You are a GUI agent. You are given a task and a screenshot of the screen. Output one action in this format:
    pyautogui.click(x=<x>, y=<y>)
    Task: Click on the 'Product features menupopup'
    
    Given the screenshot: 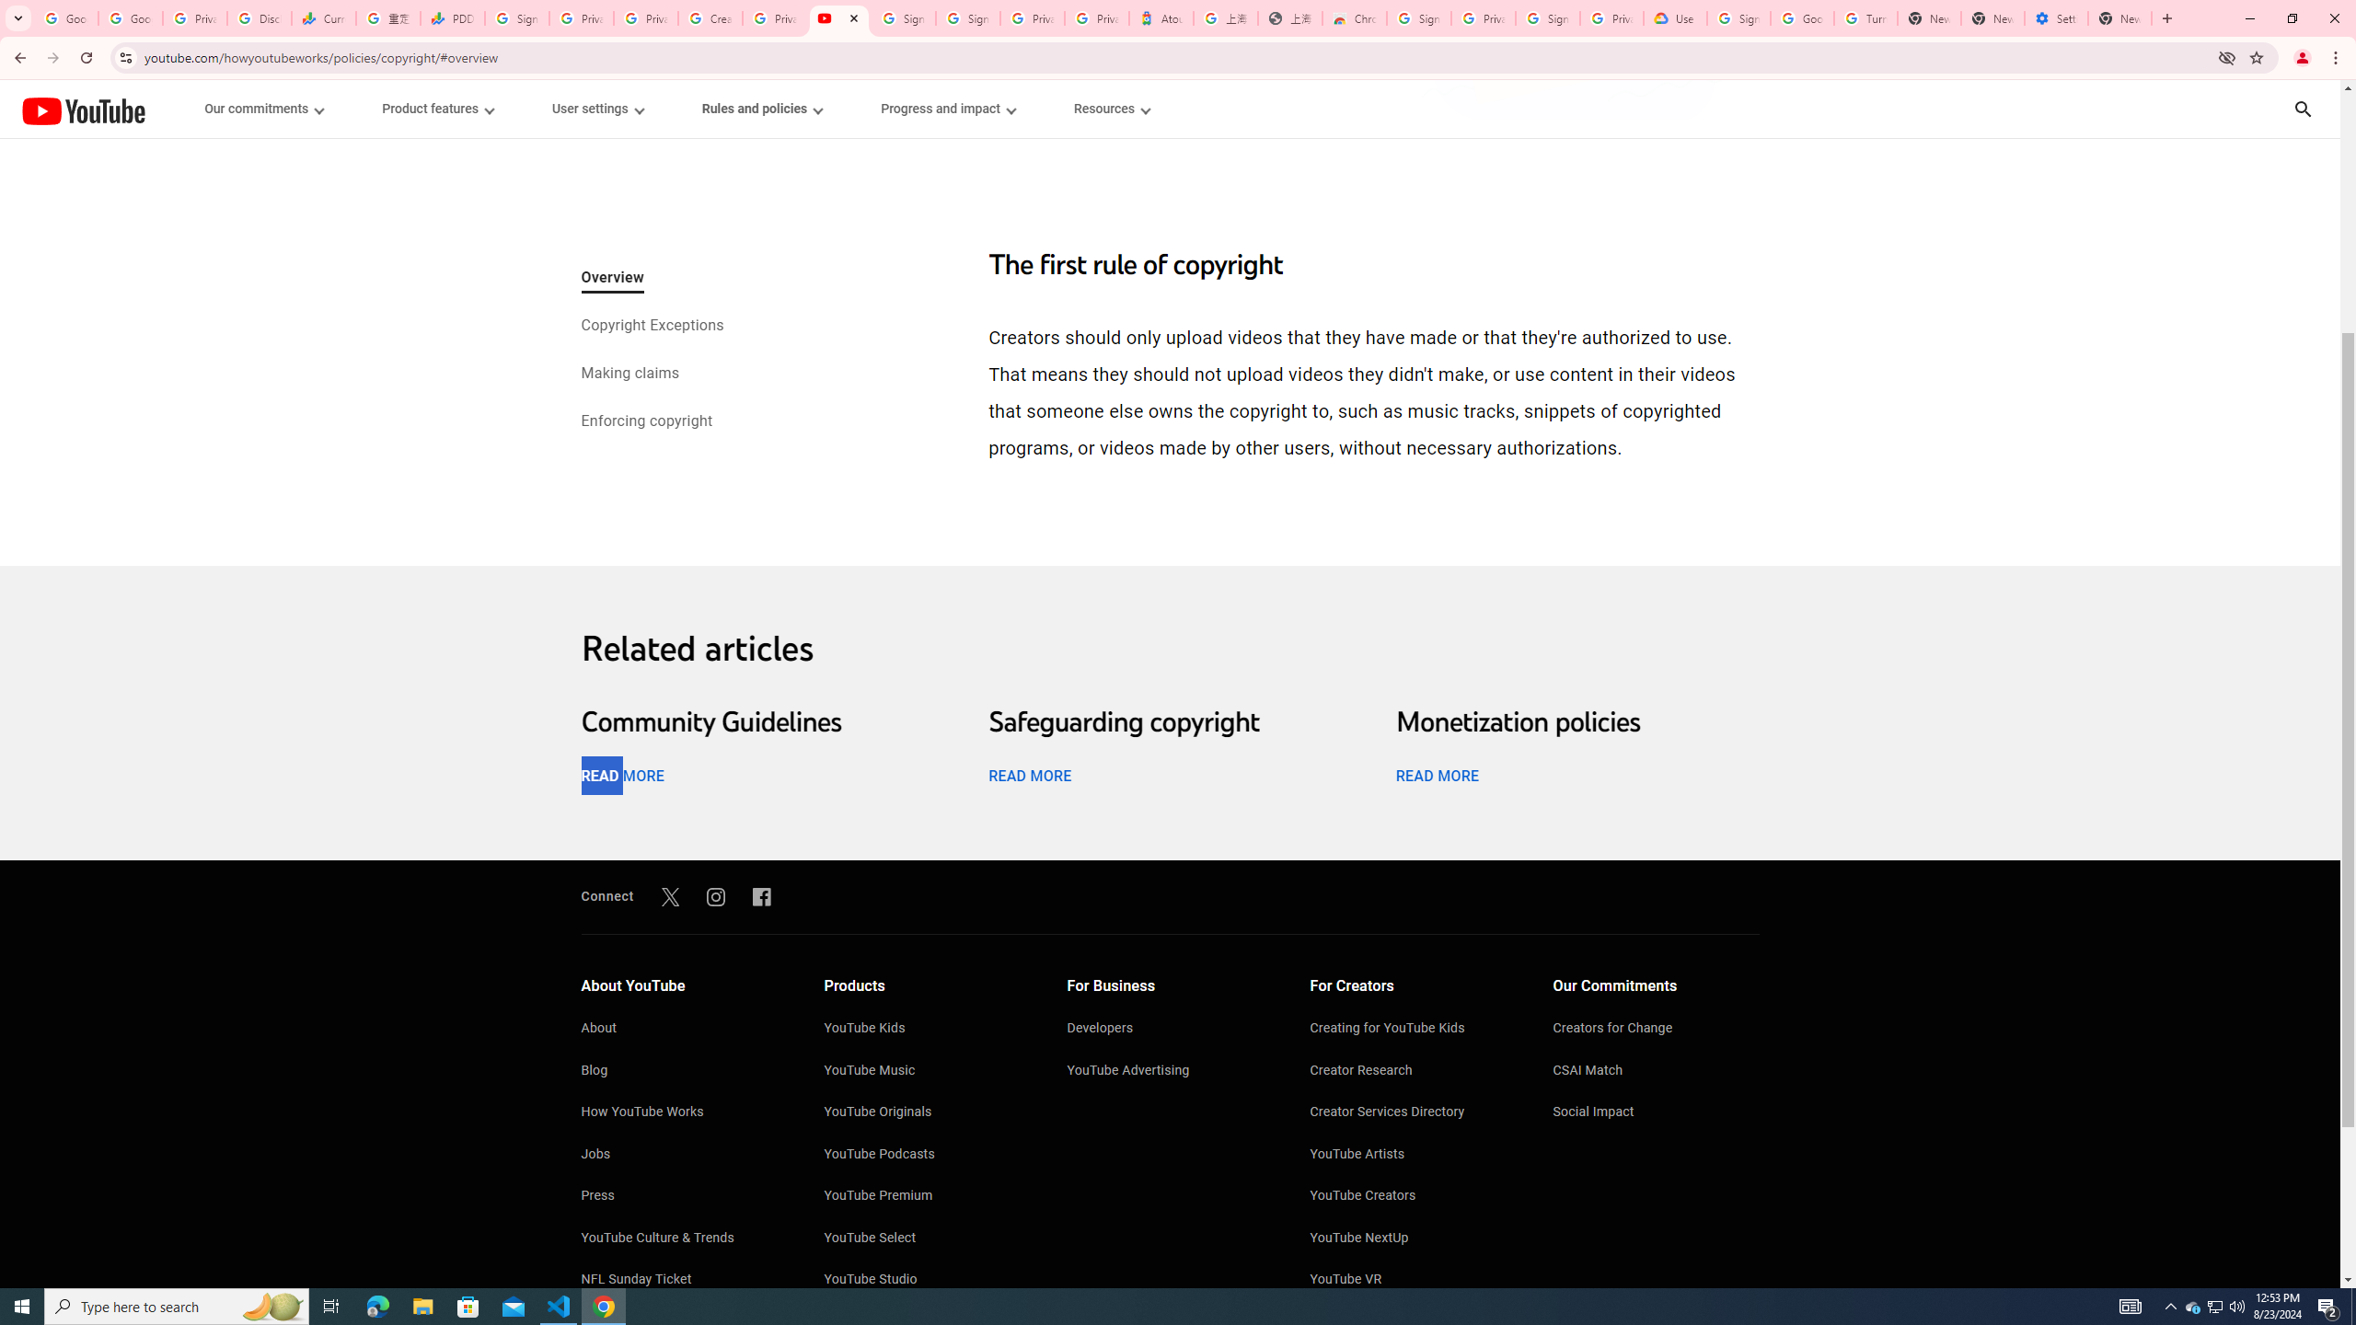 What is the action you would take?
    pyautogui.click(x=435, y=109)
    